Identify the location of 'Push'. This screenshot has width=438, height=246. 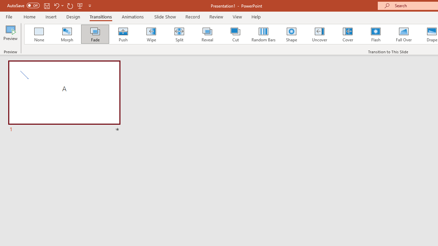
(123, 34).